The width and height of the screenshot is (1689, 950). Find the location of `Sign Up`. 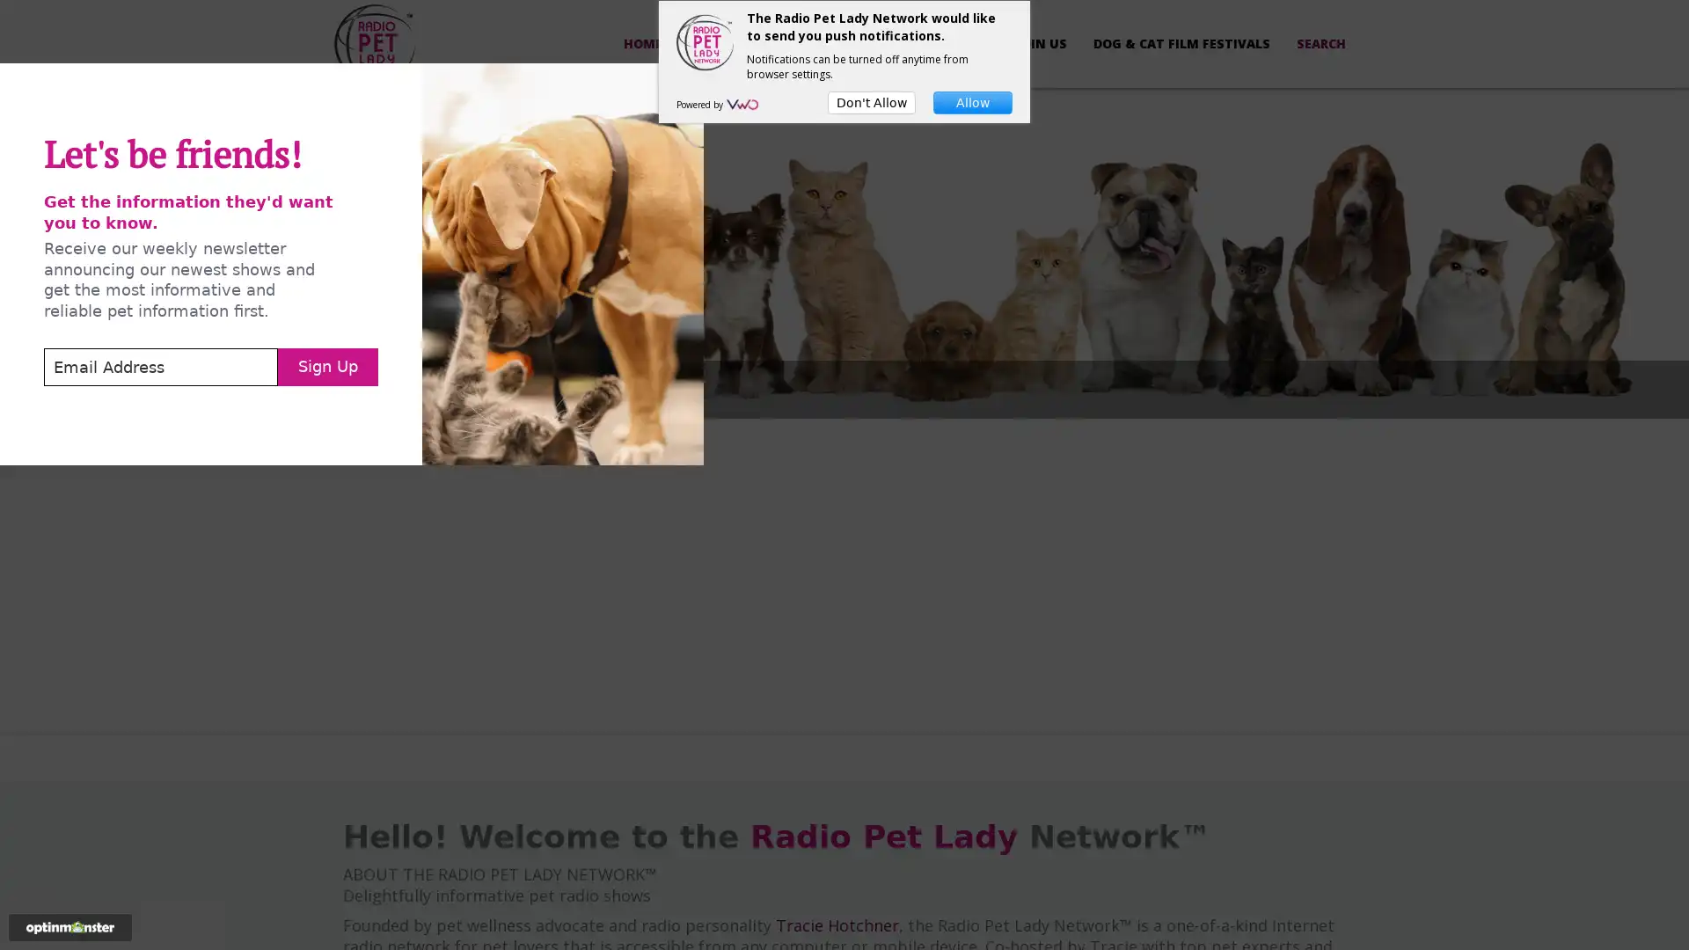

Sign Up is located at coordinates (819, 577).